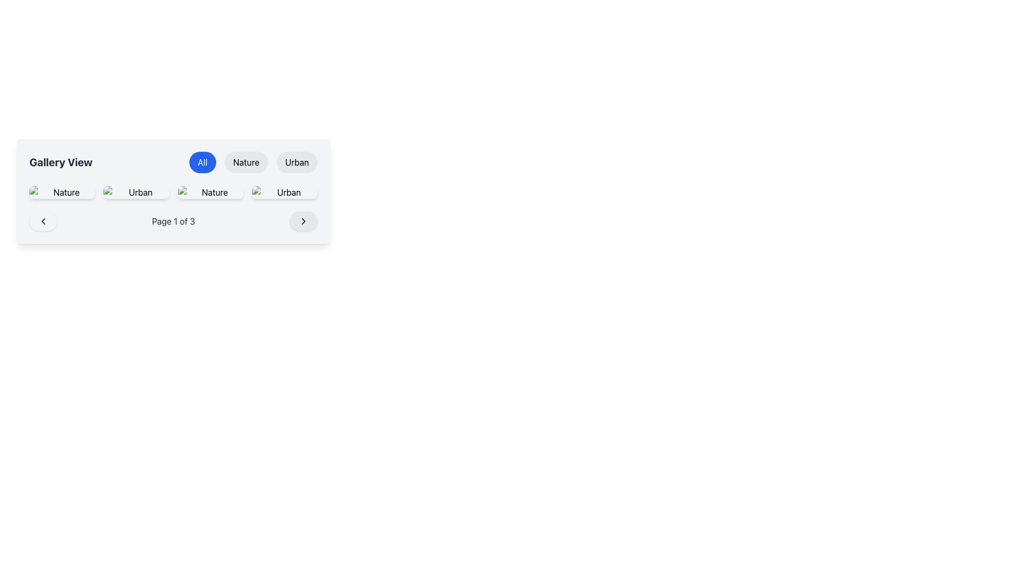  What do you see at coordinates (284, 191) in the screenshot?
I see `the 'Urban' interactive card component in the gallery view` at bounding box center [284, 191].